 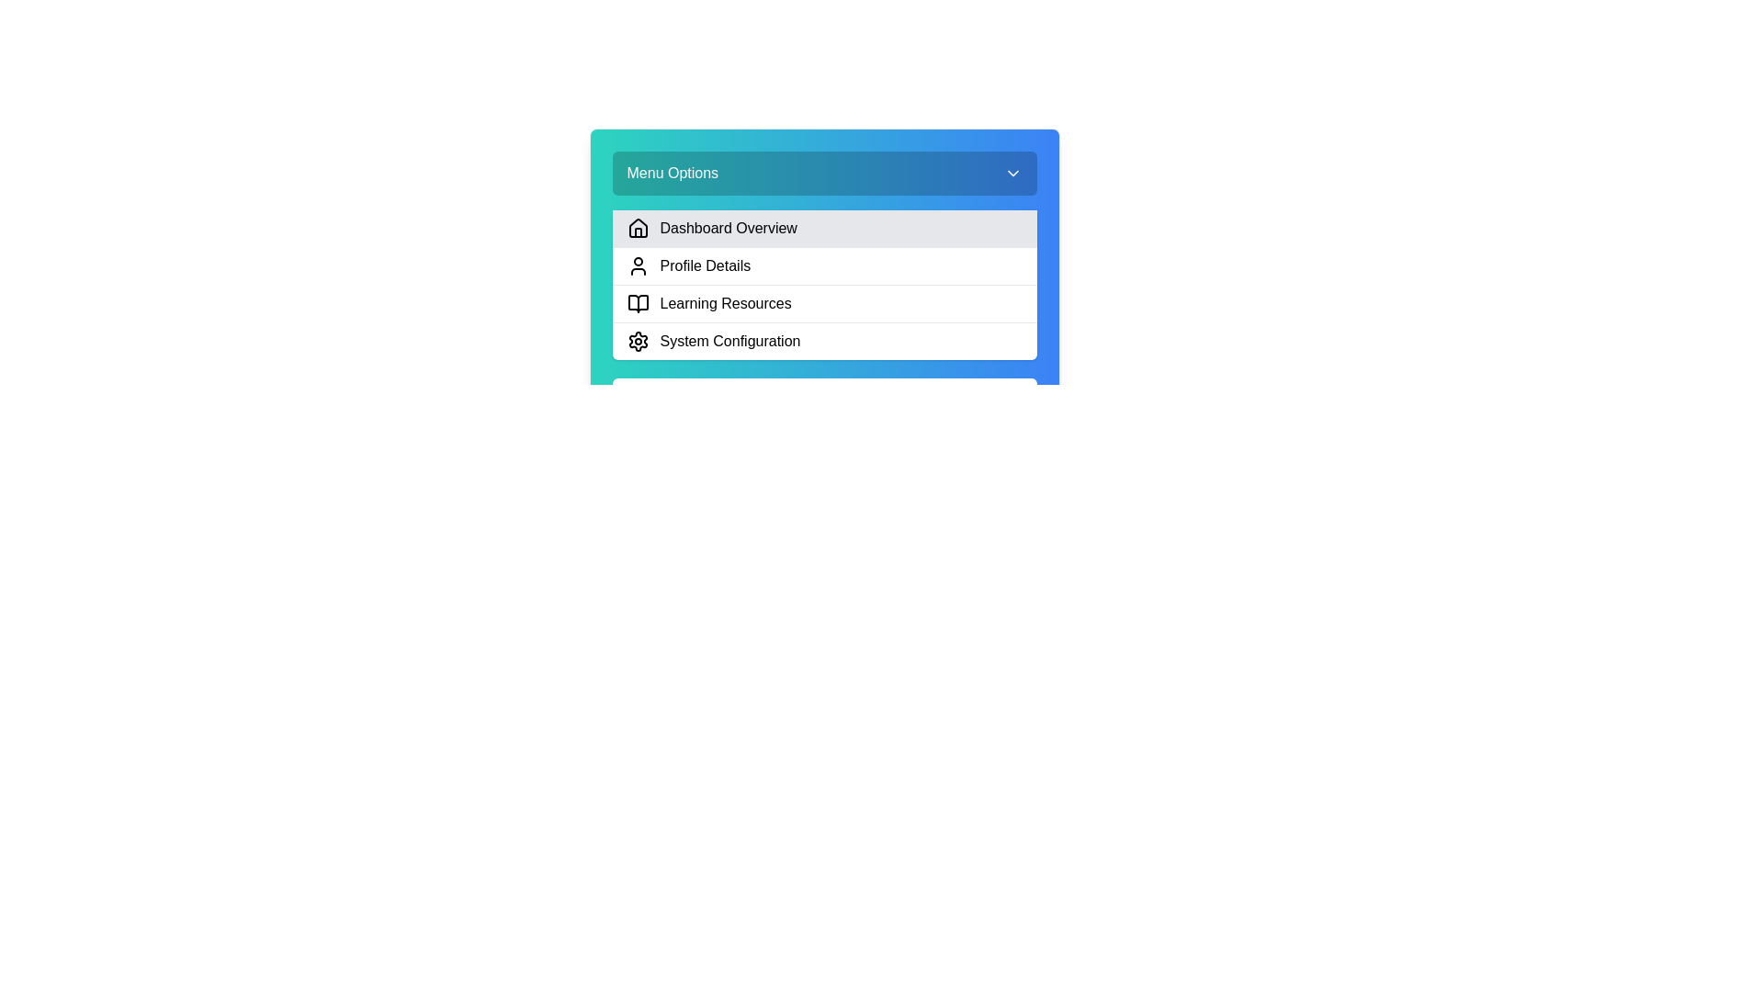 What do you see at coordinates (638, 265) in the screenshot?
I see `the 'Profile Details' icon located to the left of the text label in the menu` at bounding box center [638, 265].